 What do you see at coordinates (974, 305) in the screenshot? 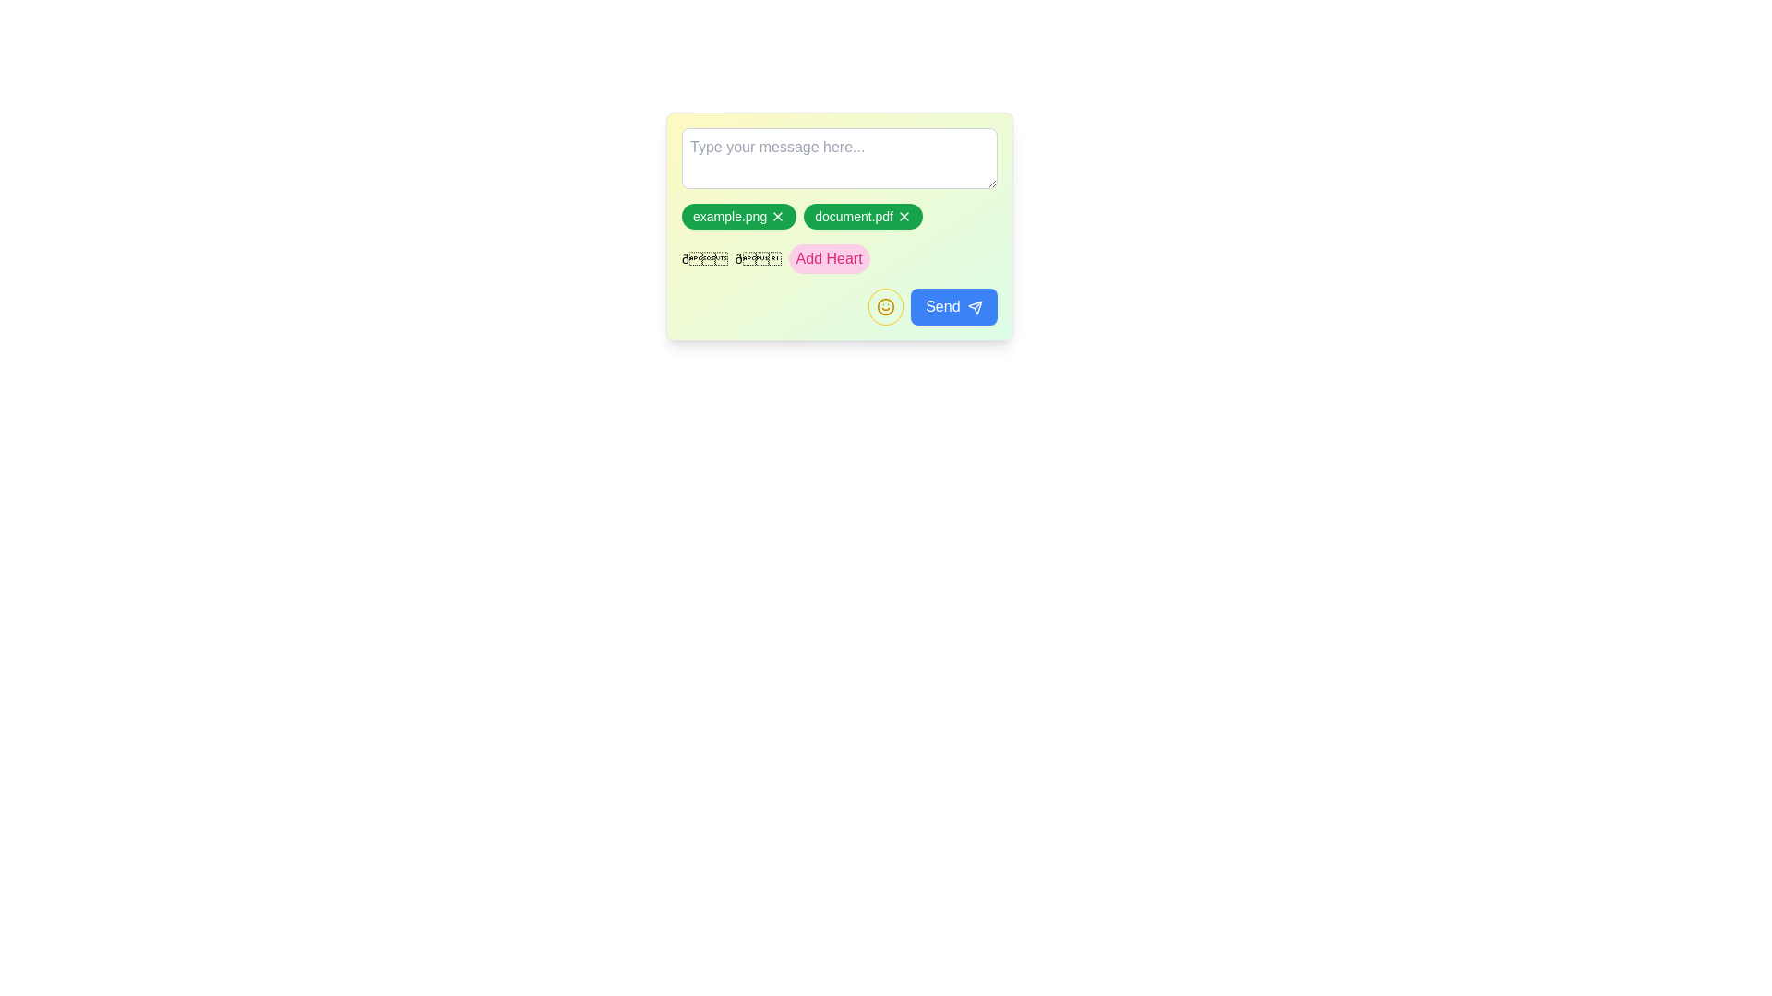
I see `the arrow-like icon within the 'Send' button to trigger its surrounding functionalities` at bounding box center [974, 305].